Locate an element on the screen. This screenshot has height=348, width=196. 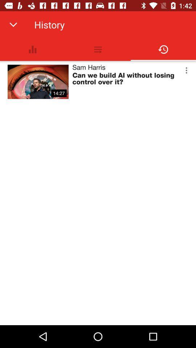
item to the left of history app is located at coordinates (13, 25).